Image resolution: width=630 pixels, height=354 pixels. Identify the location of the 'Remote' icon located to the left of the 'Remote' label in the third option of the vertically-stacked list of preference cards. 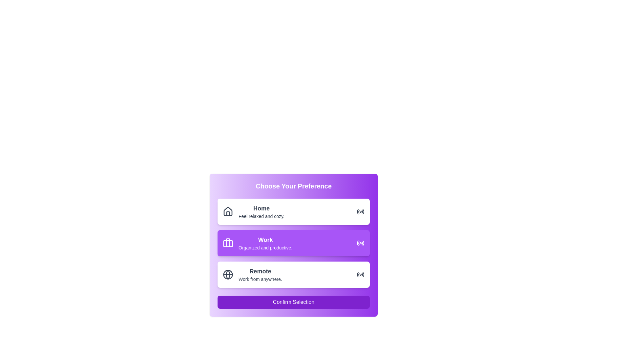
(228, 274).